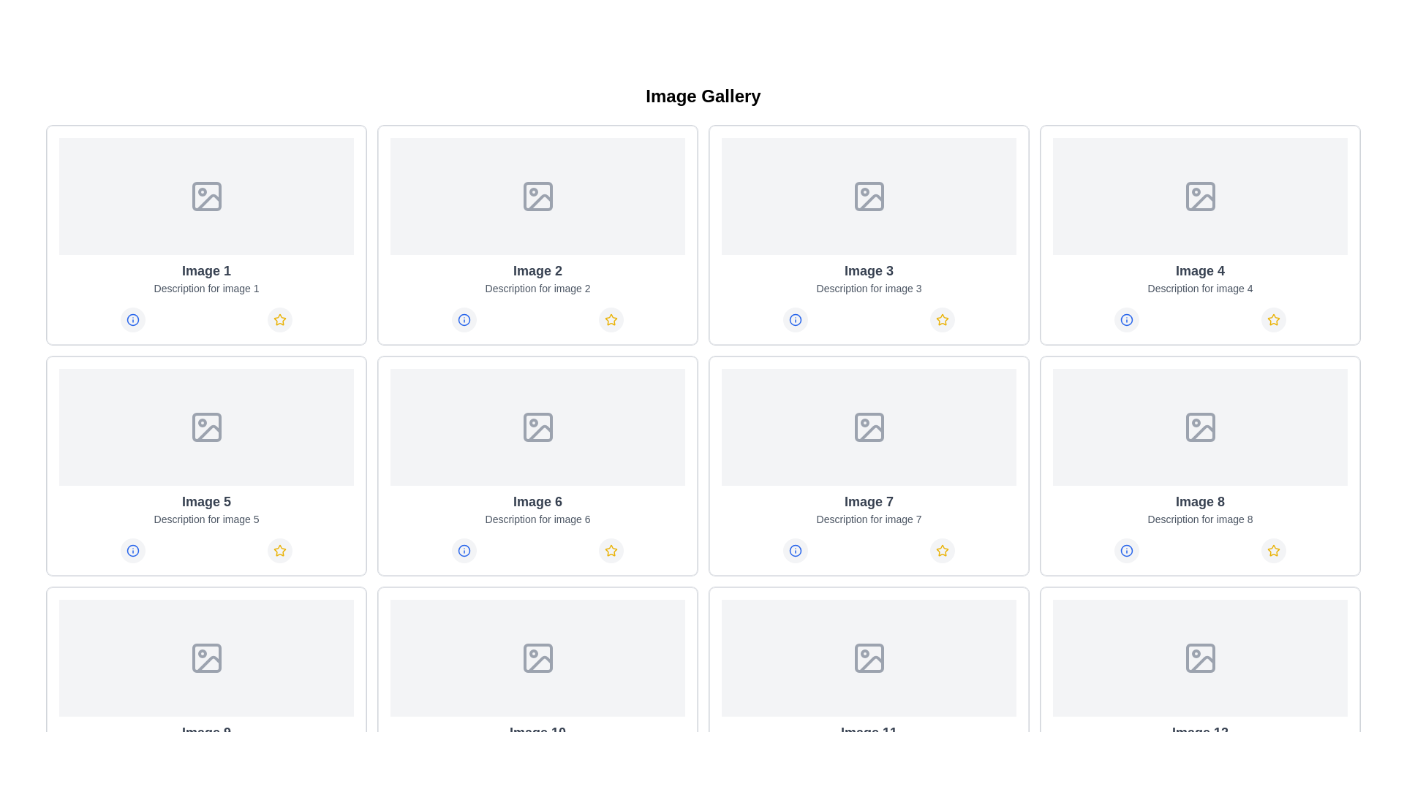 The width and height of the screenshot is (1404, 789). I want to click on the SVG rectangle with a soft gray outline located in the bottom row of the gallery under 'Image 9', so click(205, 658).